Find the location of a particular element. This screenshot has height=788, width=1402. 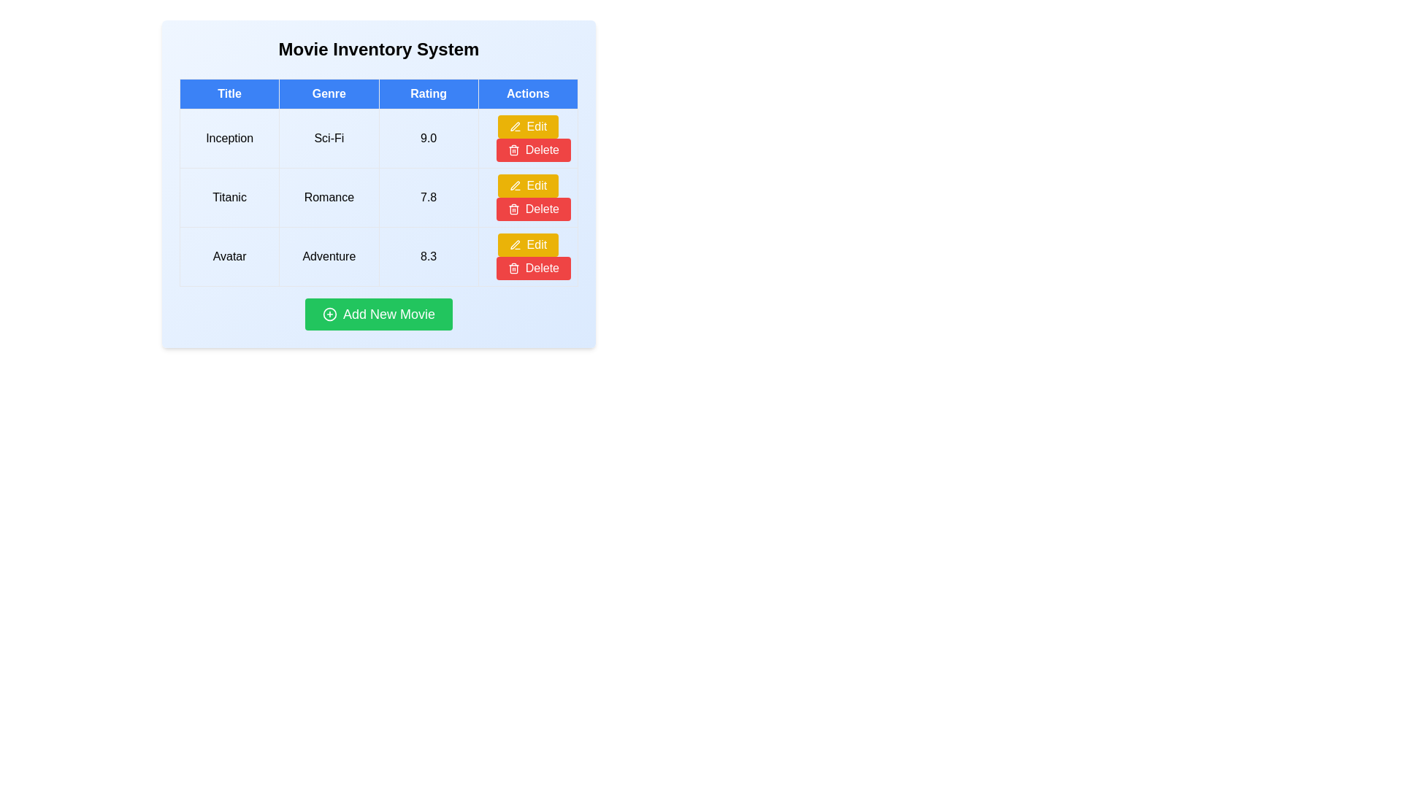

the delete button located in the 'Actions' column of the table, beside the 'Edit' button, in the second row corresponding to the movie 'Titanic' is located at coordinates (532, 150).